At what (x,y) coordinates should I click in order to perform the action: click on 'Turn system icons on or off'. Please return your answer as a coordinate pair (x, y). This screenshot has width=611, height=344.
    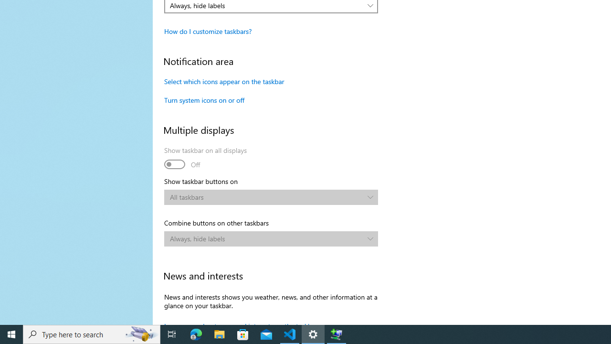
    Looking at the image, I should click on (204, 100).